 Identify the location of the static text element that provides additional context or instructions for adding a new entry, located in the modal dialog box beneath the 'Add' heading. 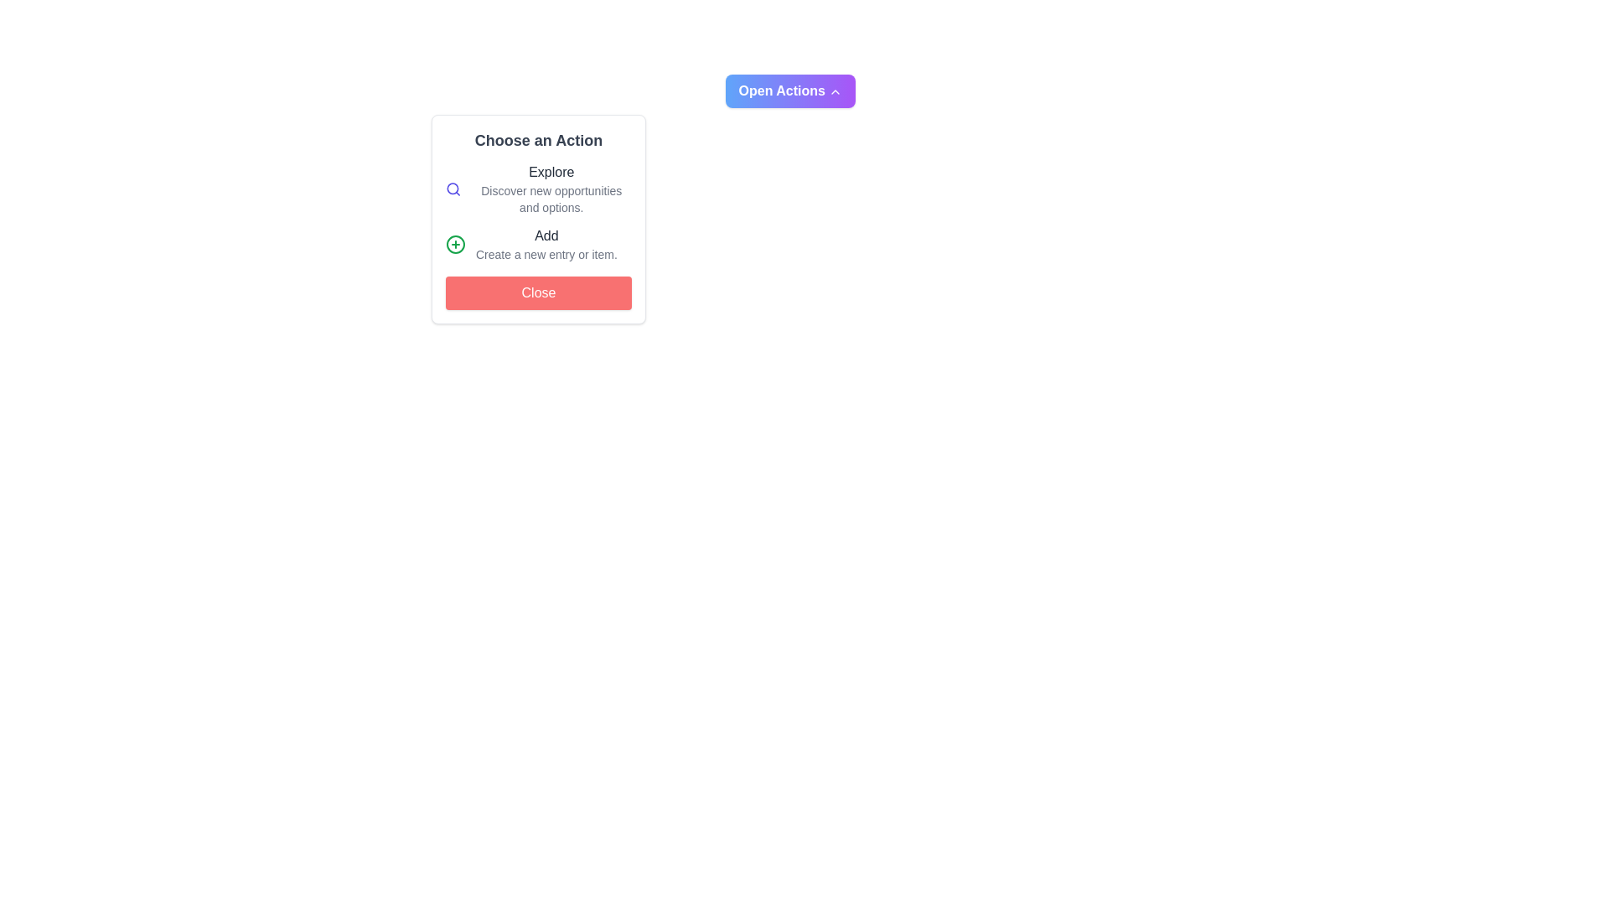
(546, 255).